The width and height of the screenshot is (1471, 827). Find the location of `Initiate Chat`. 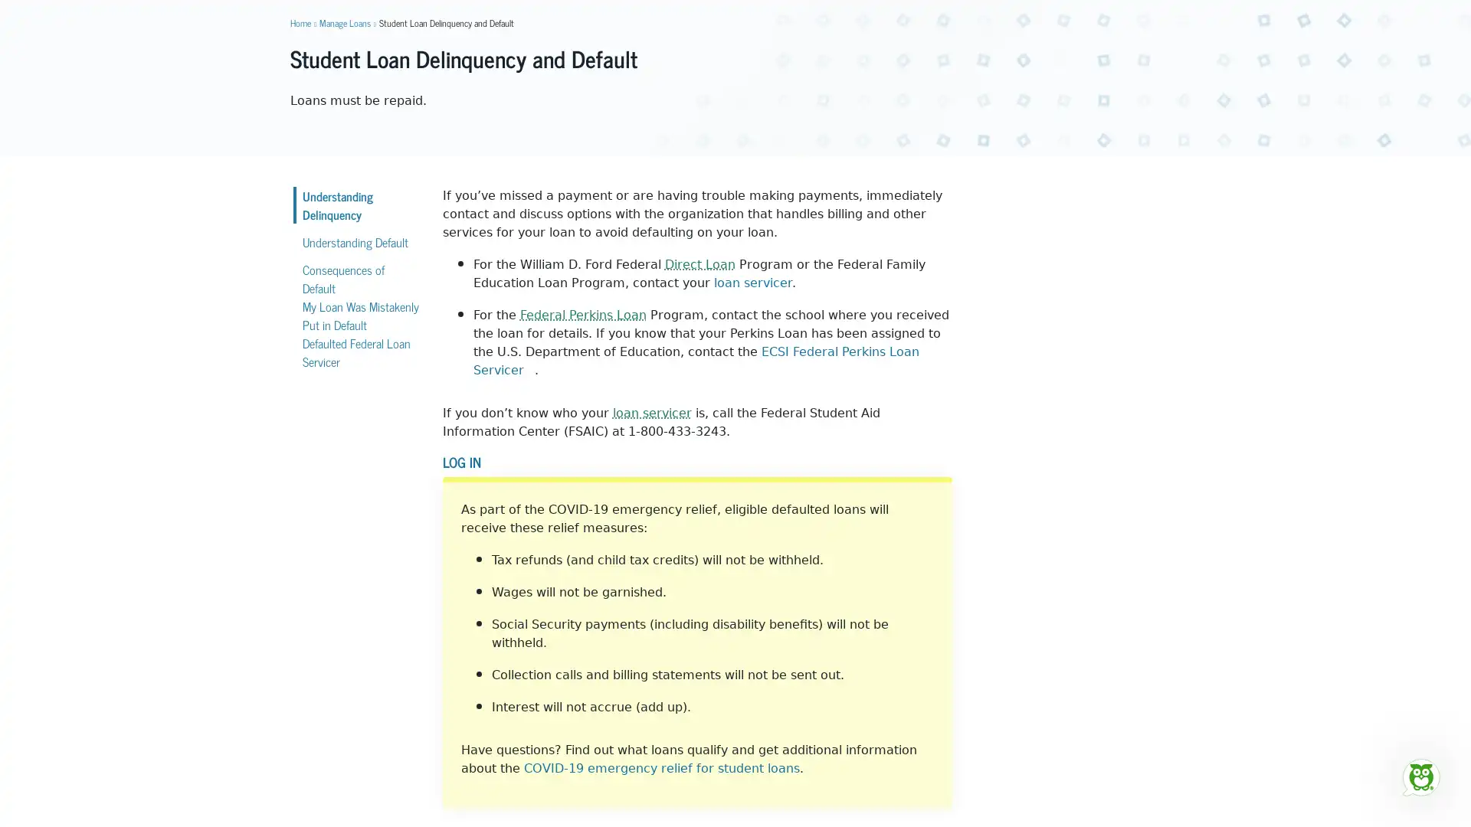

Initiate Chat is located at coordinates (1420, 776).